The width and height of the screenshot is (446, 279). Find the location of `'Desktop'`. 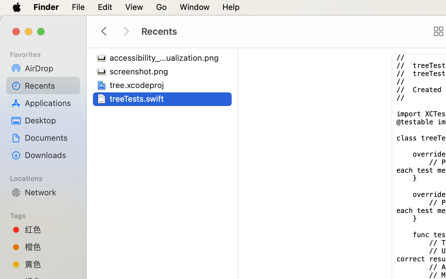

'Desktop' is located at coordinates (49, 120).